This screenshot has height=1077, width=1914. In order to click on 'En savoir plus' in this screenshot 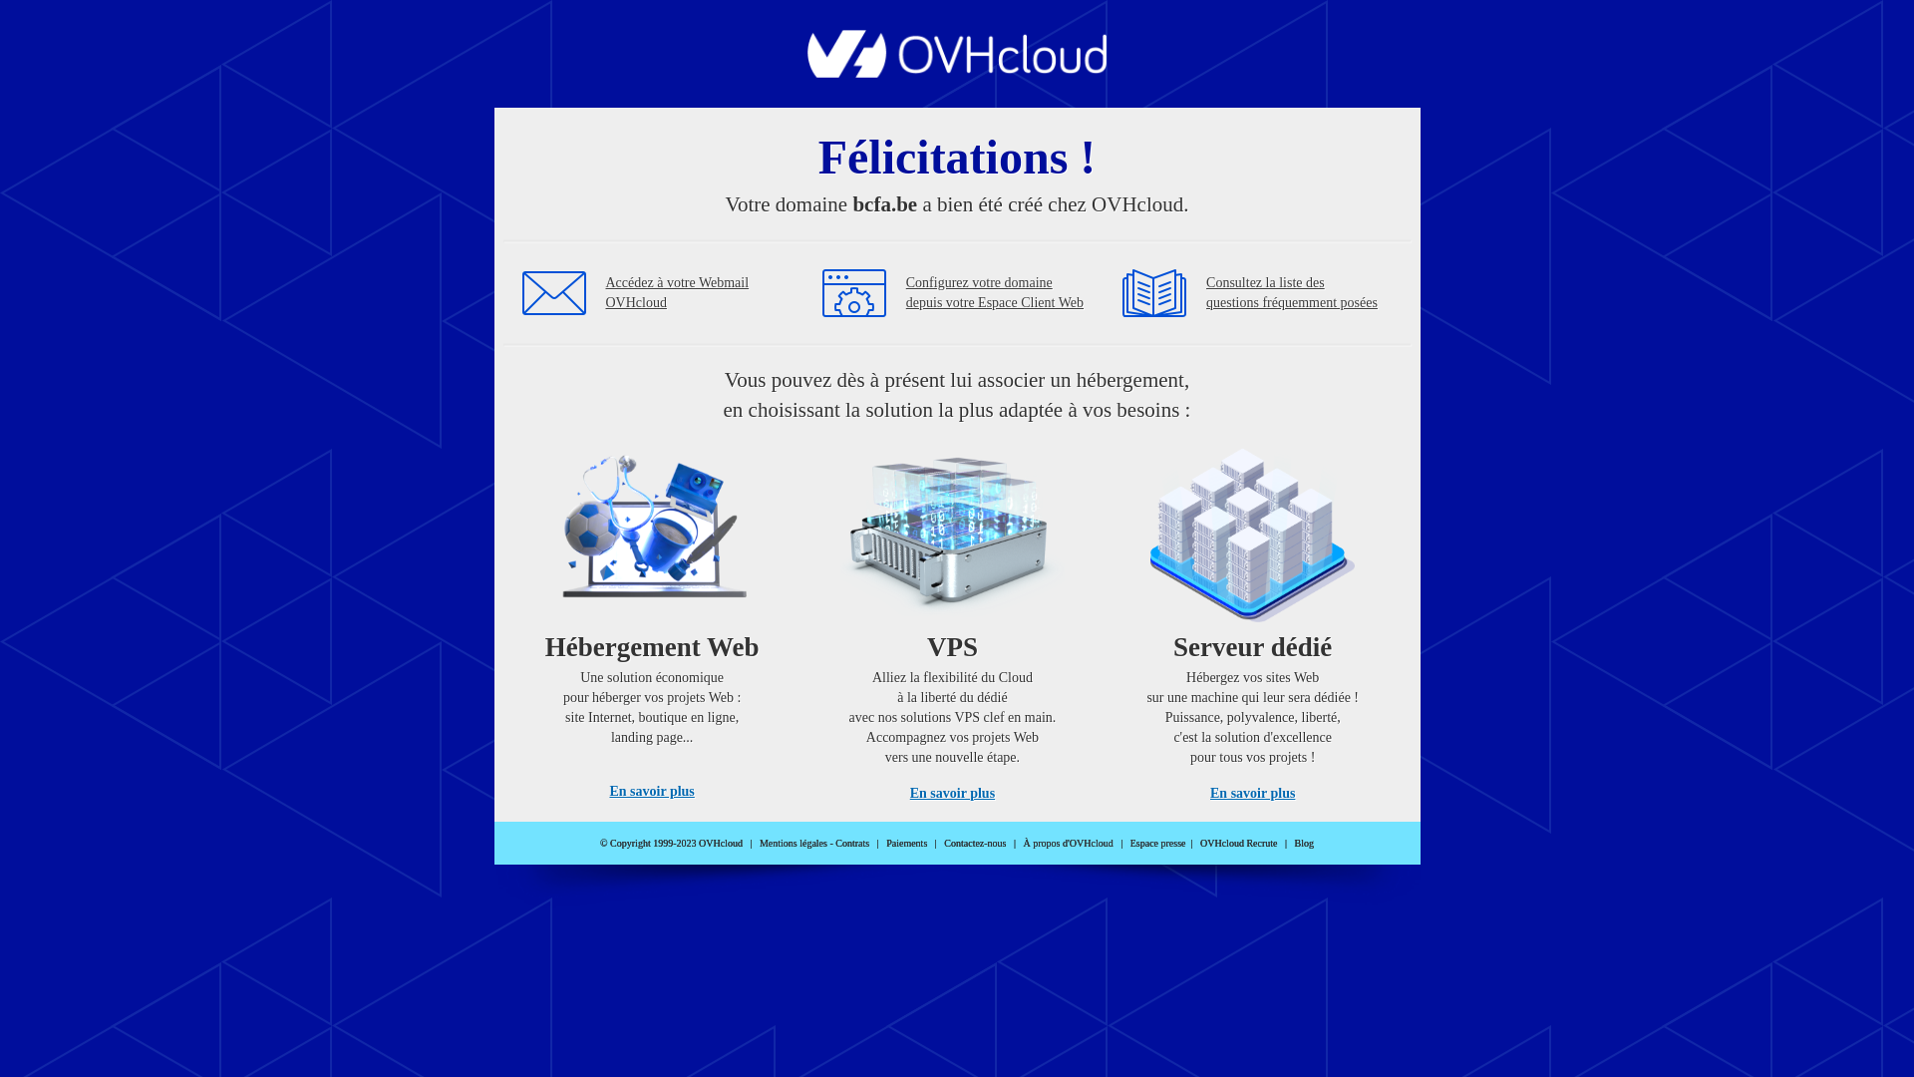, I will do `click(951, 792)`.